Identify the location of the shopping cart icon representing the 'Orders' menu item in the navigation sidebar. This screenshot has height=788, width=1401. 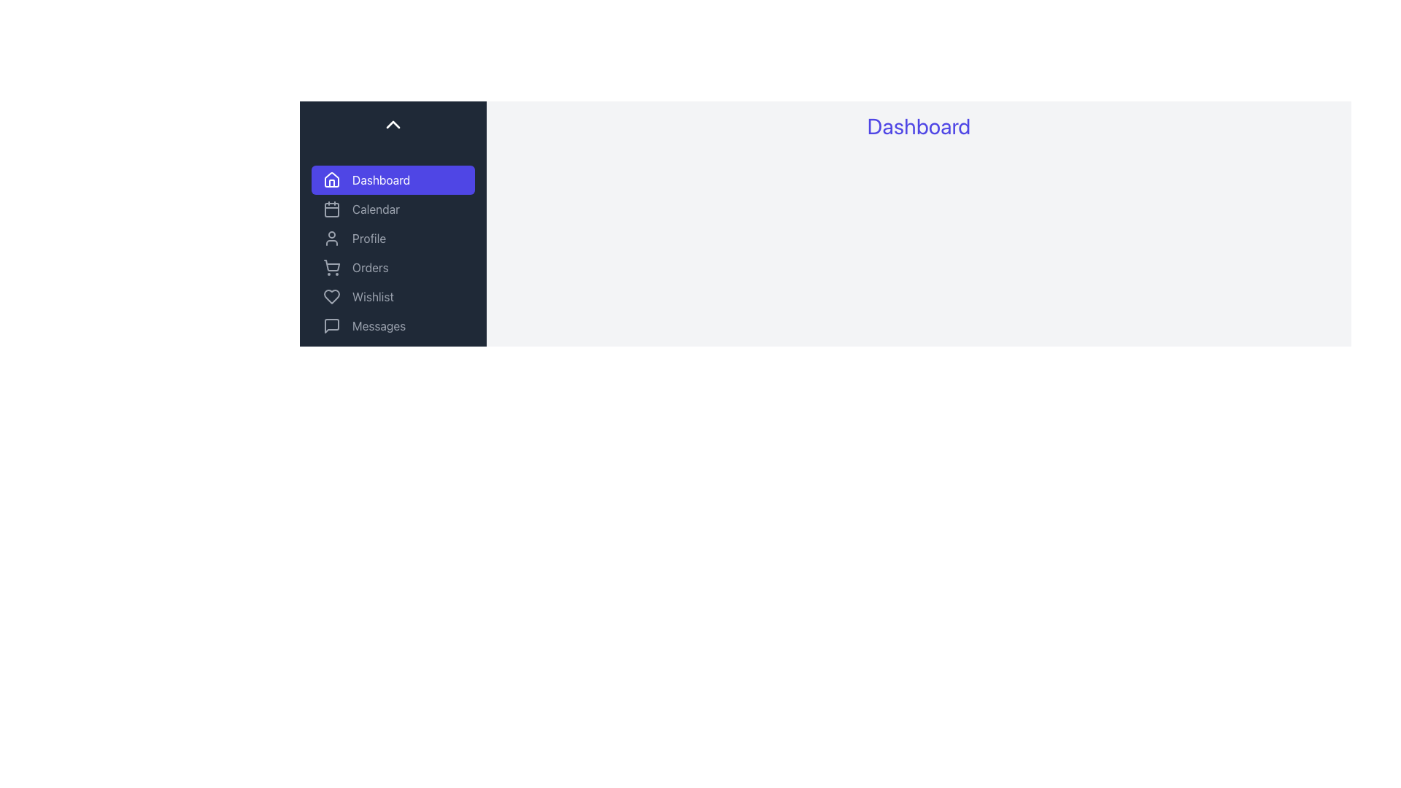
(331, 266).